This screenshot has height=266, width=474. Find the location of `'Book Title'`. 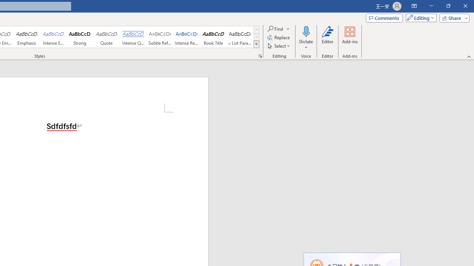

'Book Title' is located at coordinates (213, 37).